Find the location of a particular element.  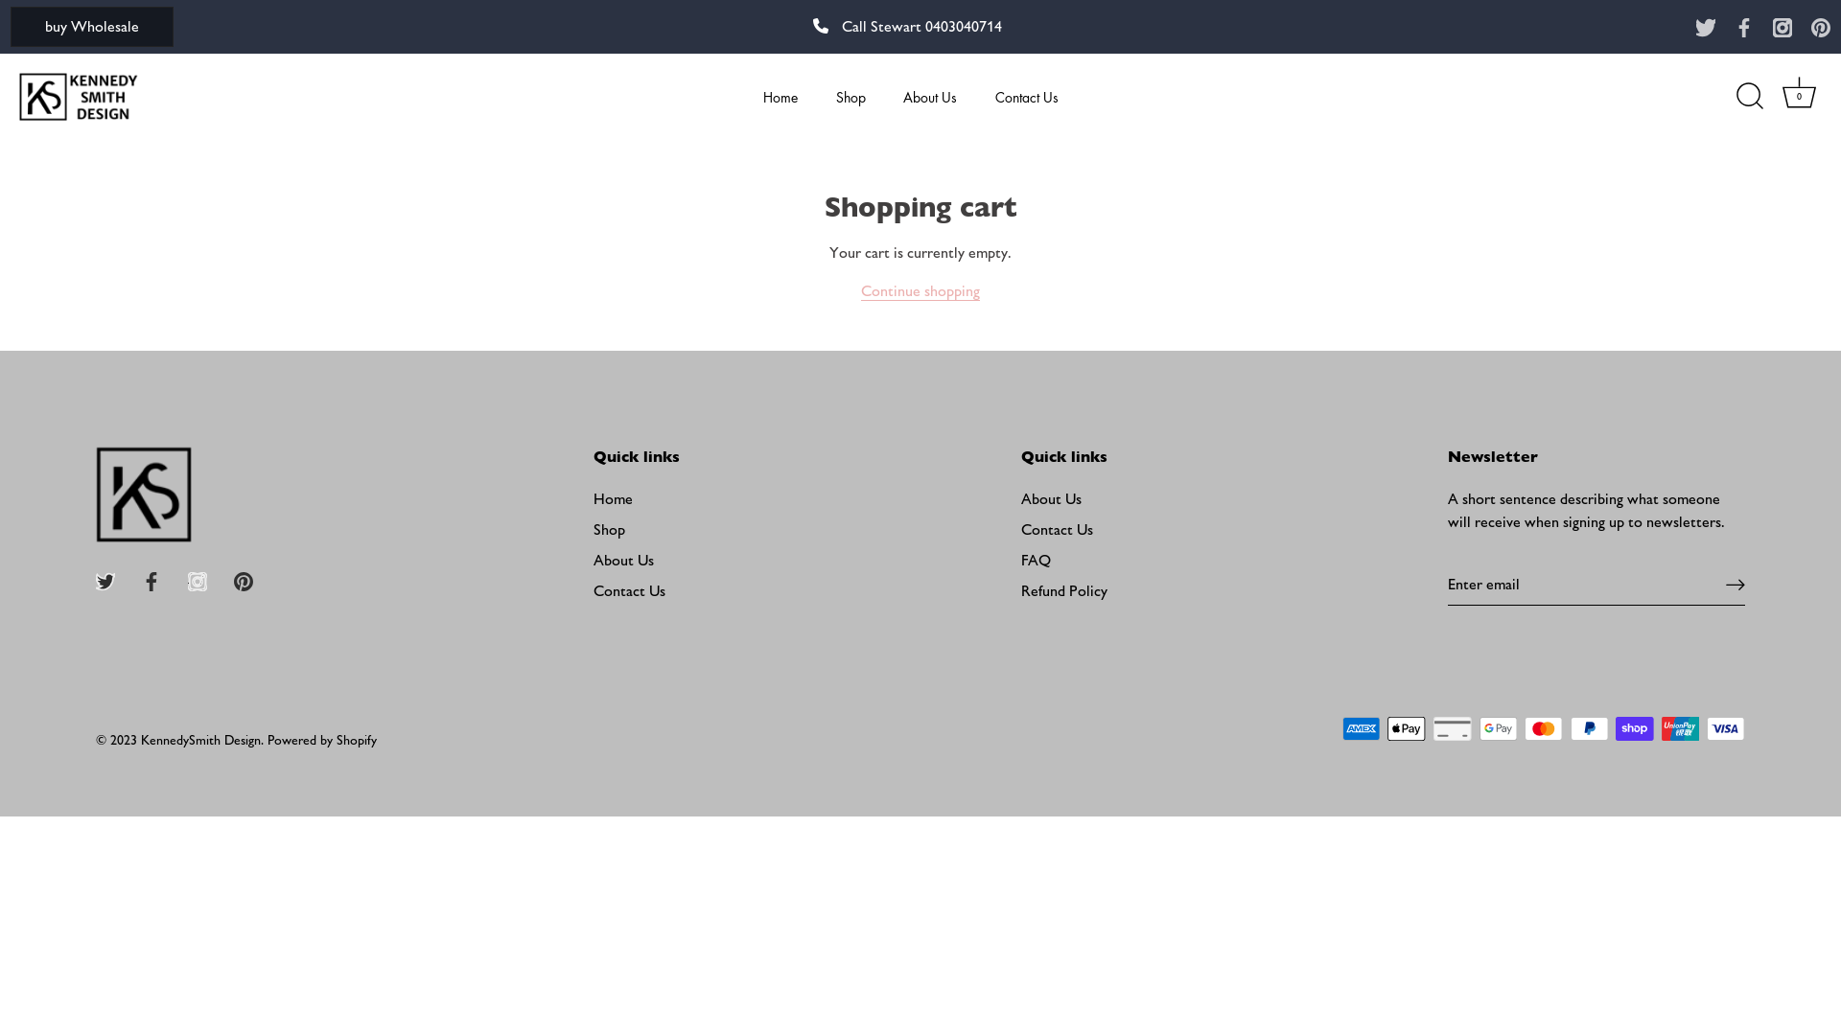

'Call Stewart 0403040714' is located at coordinates (906, 26).